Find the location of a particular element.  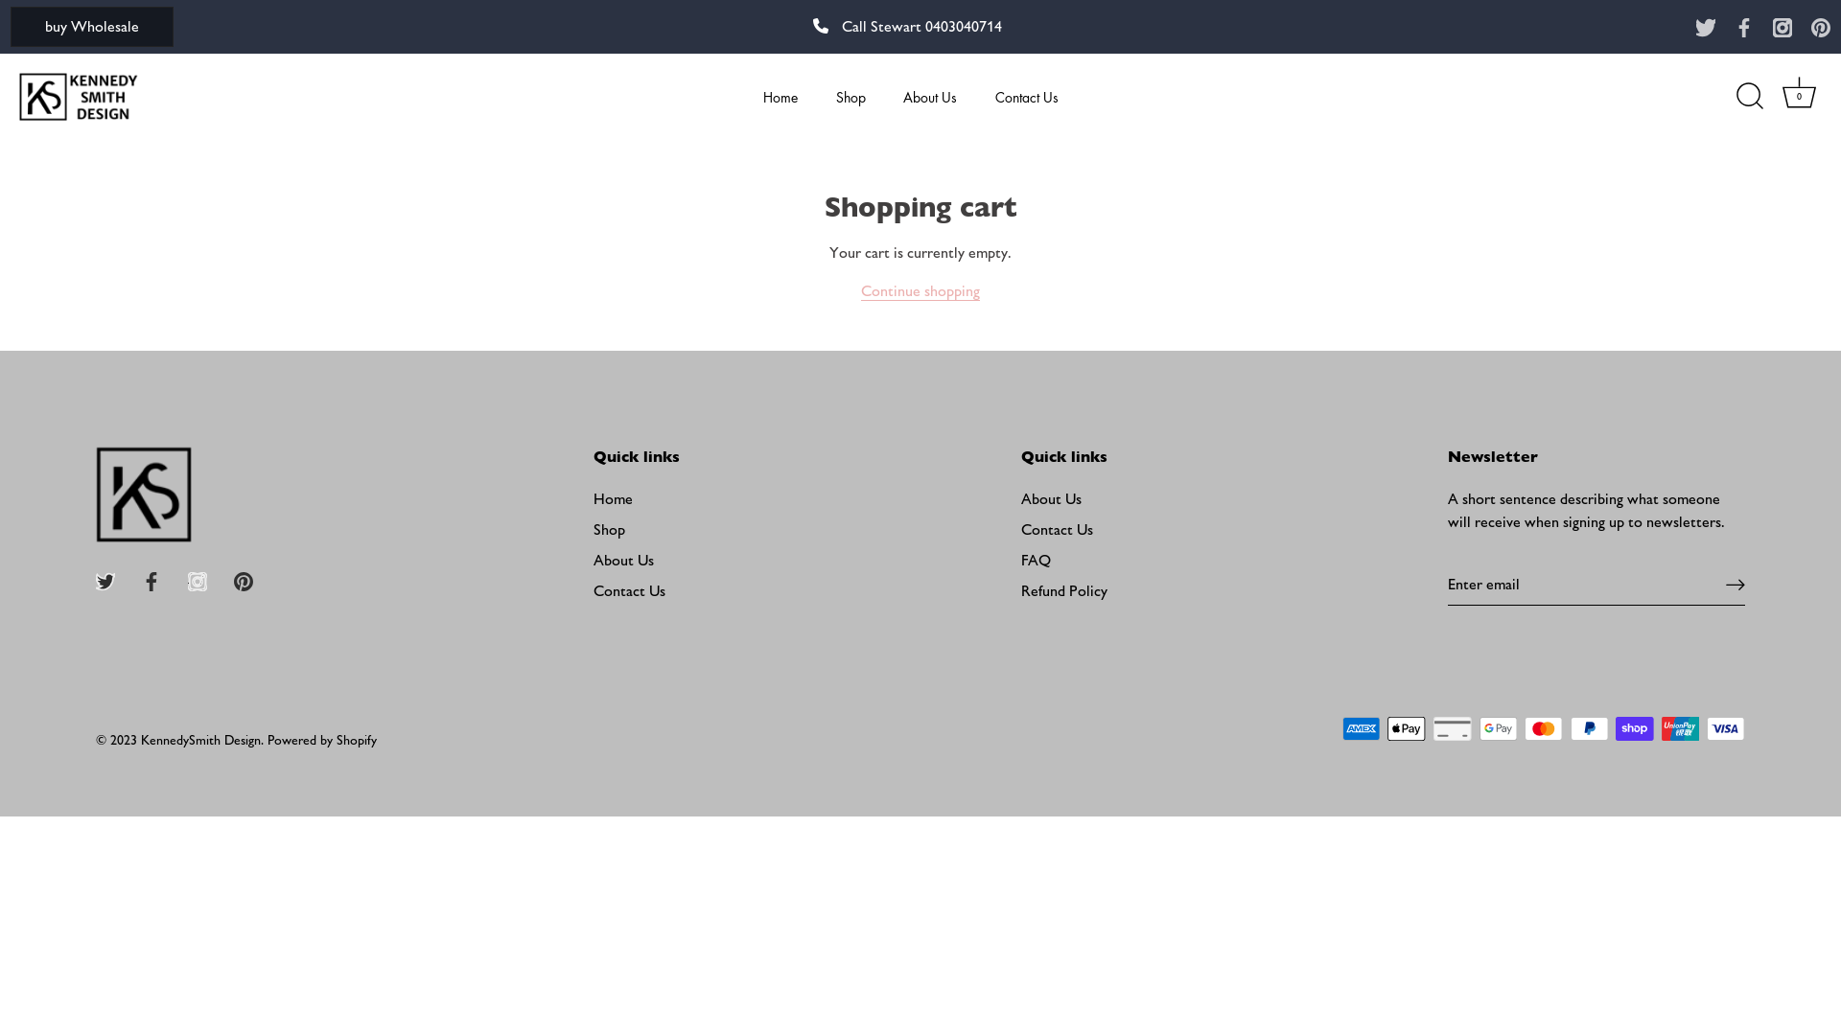

'Call Stewart 0403040714' is located at coordinates (906, 26).